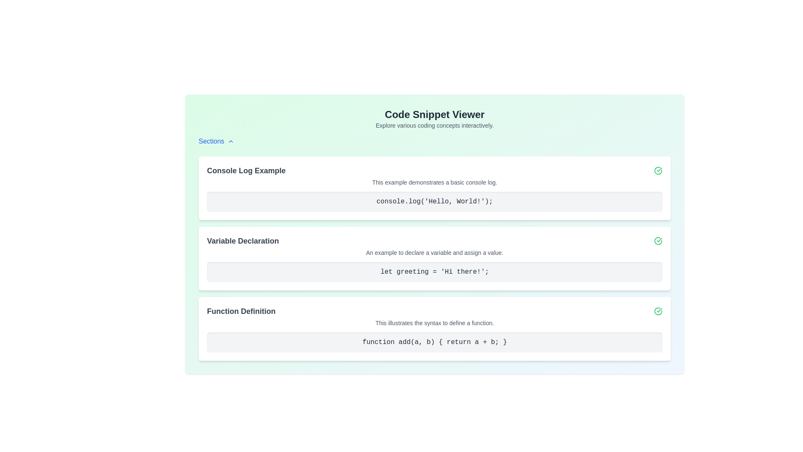 This screenshot has width=803, height=452. What do you see at coordinates (658, 241) in the screenshot?
I see `the circular icon featuring a green checkmark located to the right of the 'Variable Declaration' section title by clicking on it` at bounding box center [658, 241].